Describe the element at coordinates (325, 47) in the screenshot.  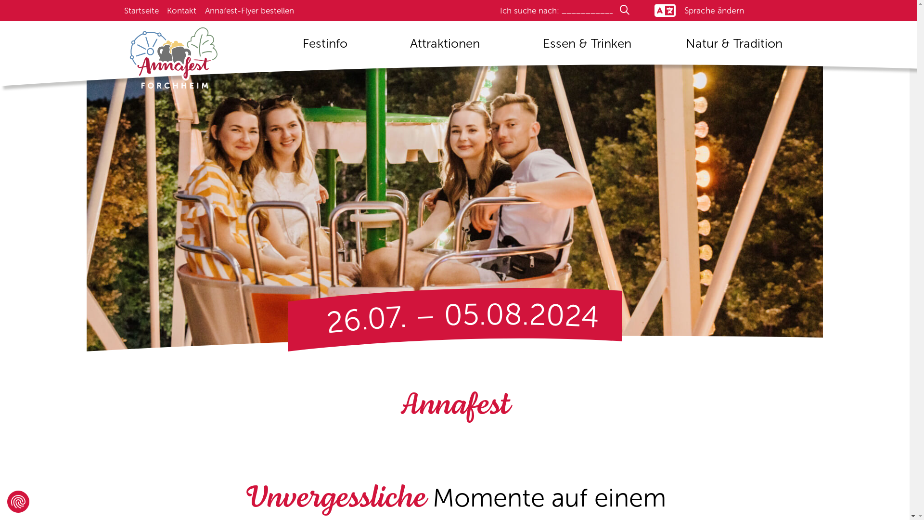
I see `'Festinfo'` at that location.